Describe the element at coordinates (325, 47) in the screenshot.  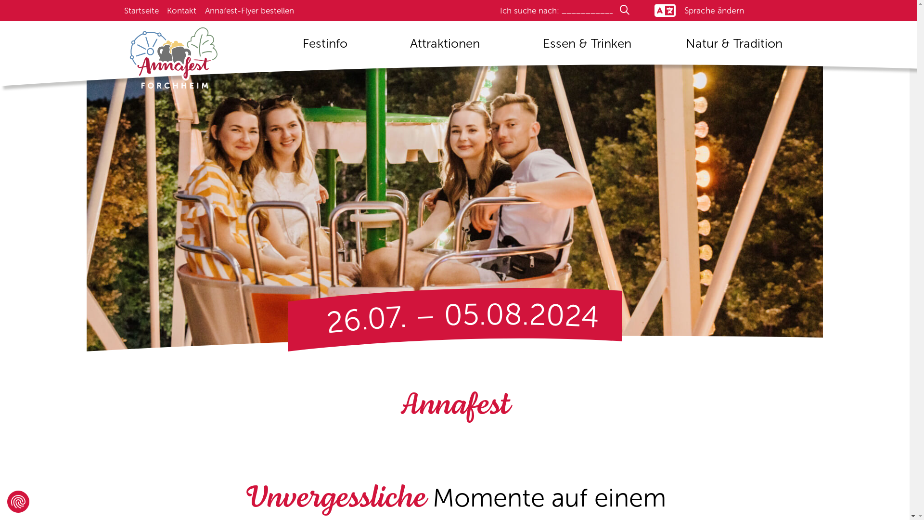
I see `'Festinfo'` at that location.